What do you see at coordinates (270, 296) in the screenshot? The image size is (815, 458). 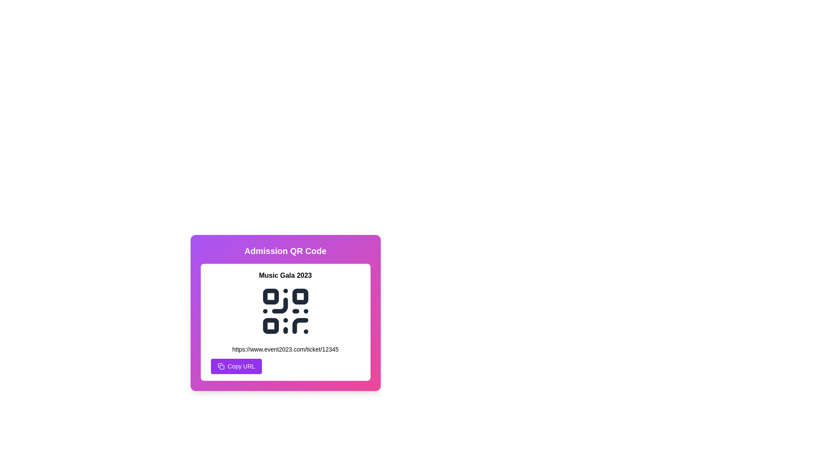 I see `the small, square QR-style darker block located in the top-left segment of the QR code representation` at bounding box center [270, 296].